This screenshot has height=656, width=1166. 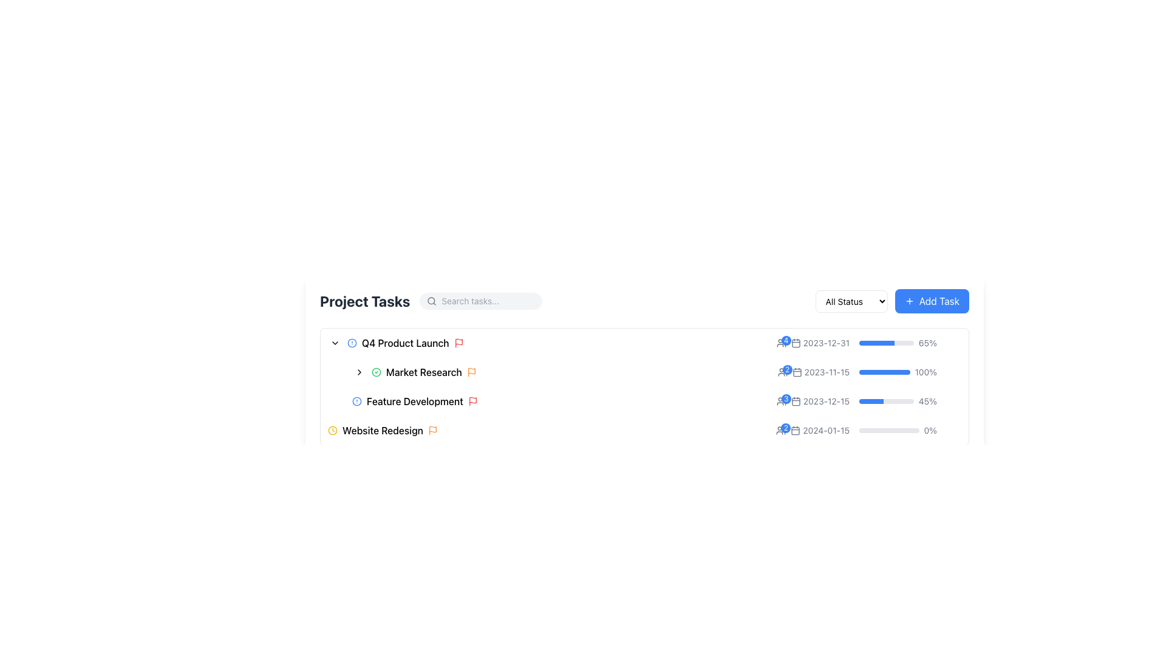 I want to click on the numeric badge displaying '2' in a blue circular background, located above the users icon and to the left of the date '2024-01-15', so click(x=781, y=430).